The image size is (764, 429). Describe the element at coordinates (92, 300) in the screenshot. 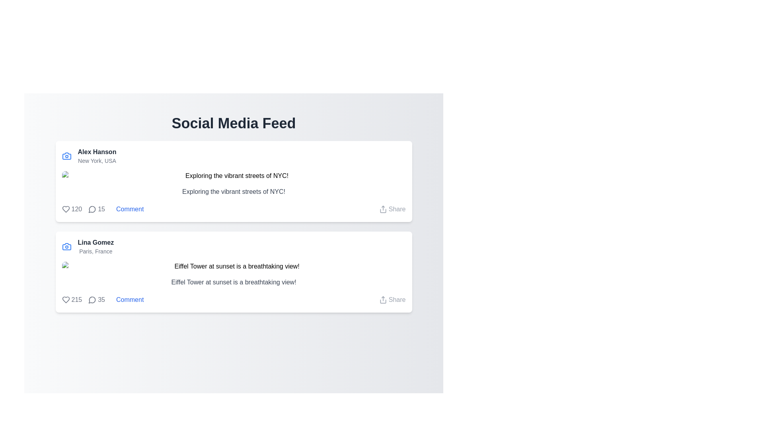

I see `the speech bubble icon representing comments` at that location.